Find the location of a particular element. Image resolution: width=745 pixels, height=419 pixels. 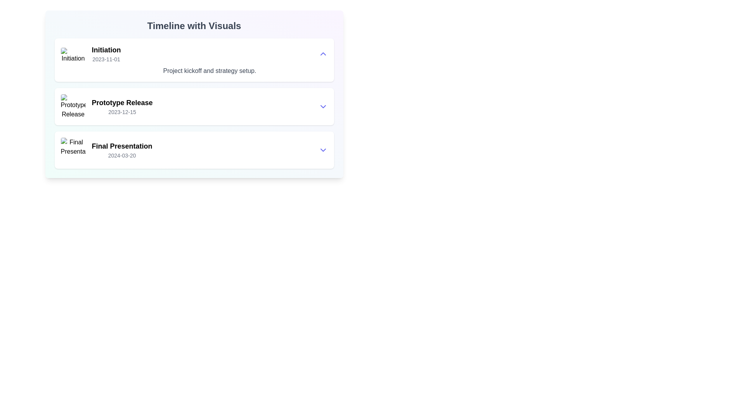

the title-date pair for the 'Initiation' event located at the top left of the timeline is located at coordinates (106, 53).